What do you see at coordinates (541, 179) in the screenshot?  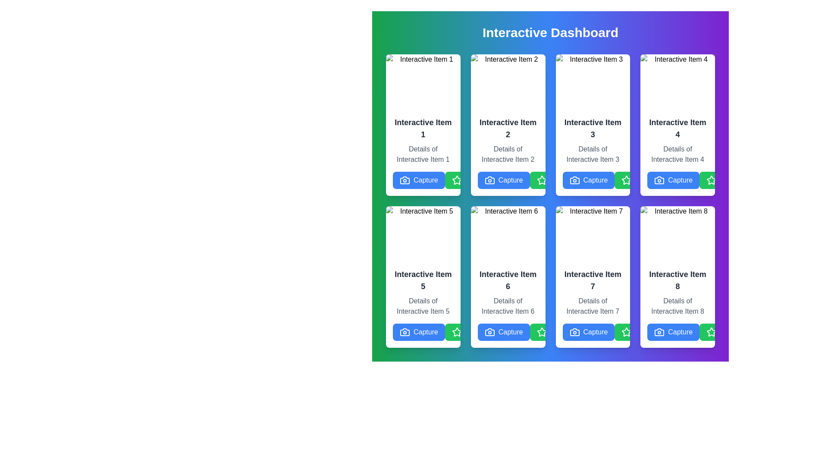 I see `the star-shaped icon within the green button labeled 'Favorite' to mark it as a favorite` at bounding box center [541, 179].